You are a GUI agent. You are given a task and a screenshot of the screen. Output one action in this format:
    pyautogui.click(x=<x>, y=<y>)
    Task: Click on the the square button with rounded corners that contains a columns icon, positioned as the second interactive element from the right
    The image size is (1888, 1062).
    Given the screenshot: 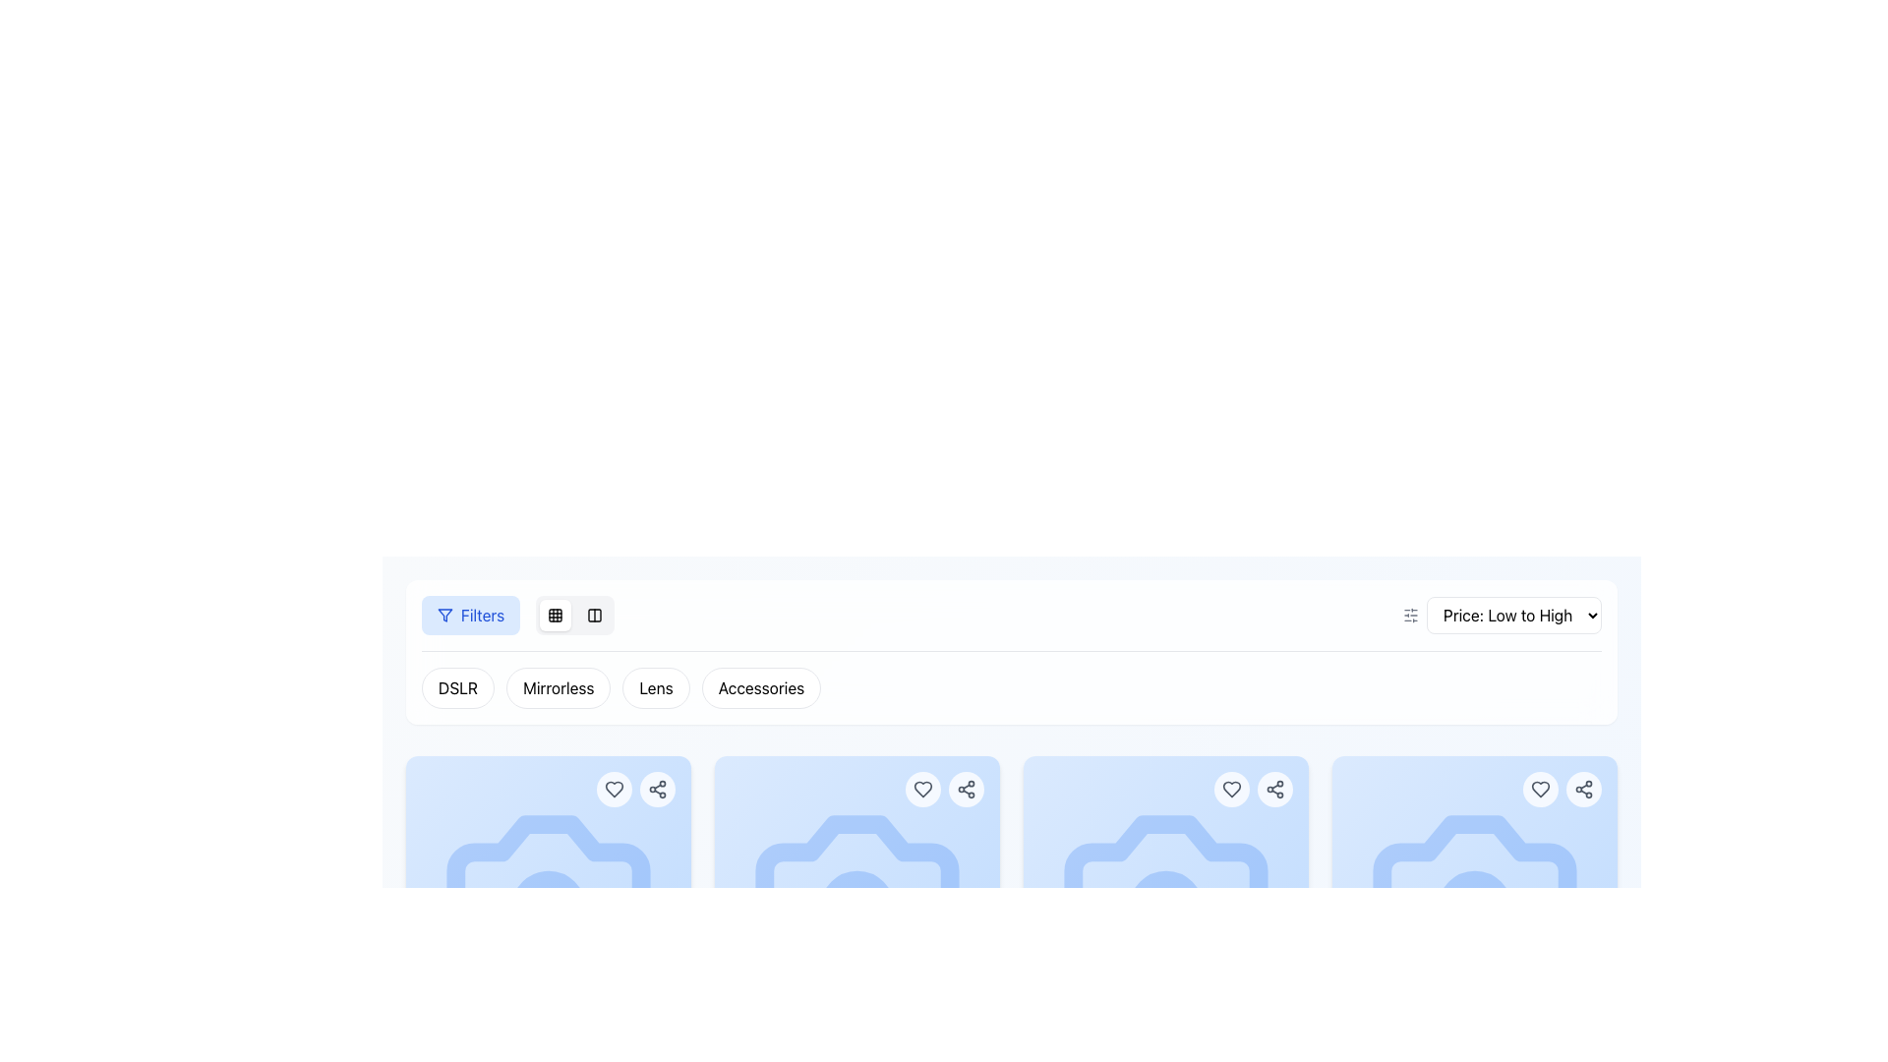 What is the action you would take?
    pyautogui.click(x=594, y=614)
    